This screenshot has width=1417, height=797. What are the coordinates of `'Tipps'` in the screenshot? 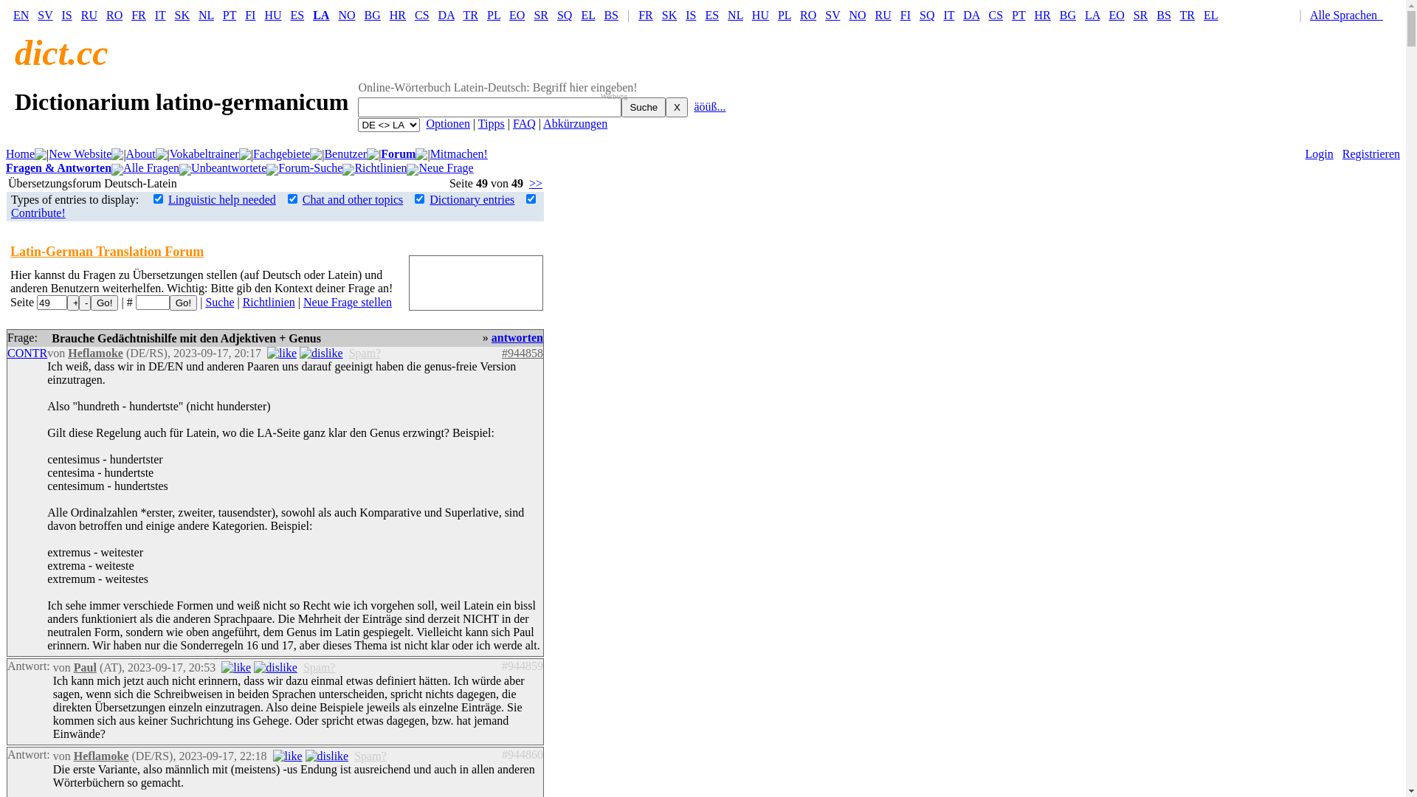 It's located at (492, 123).